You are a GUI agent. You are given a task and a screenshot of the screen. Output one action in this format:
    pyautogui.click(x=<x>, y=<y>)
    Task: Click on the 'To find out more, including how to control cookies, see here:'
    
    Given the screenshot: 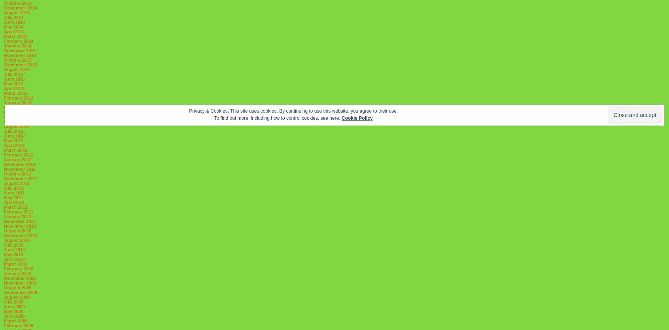 What is the action you would take?
    pyautogui.click(x=214, y=117)
    